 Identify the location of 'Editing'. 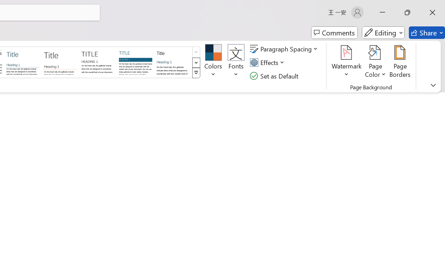
(383, 33).